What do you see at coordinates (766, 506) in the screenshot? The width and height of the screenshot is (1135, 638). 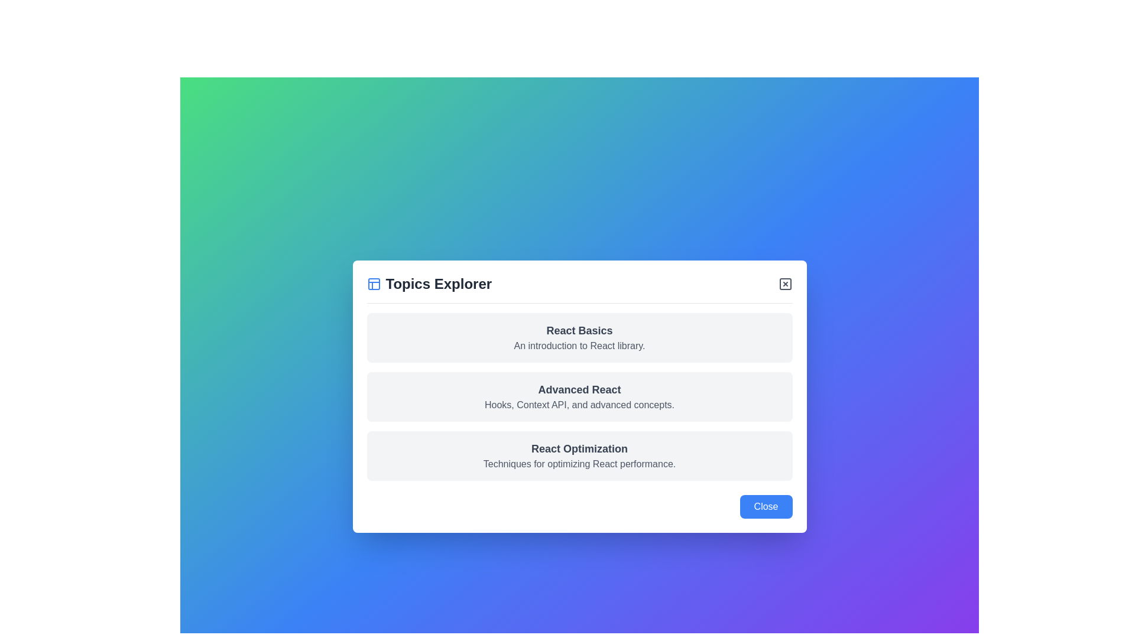 I see `the 'Close' button located in the bottom-right corner of a modal dialog` at bounding box center [766, 506].